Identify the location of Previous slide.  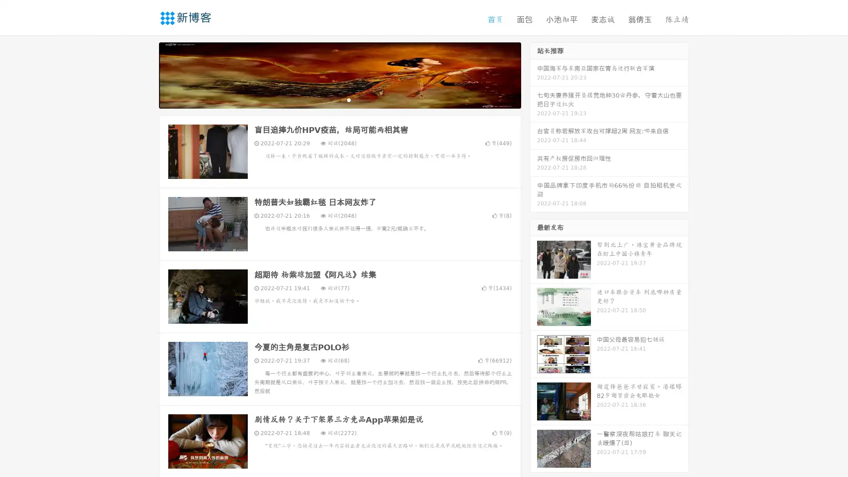
(146, 74).